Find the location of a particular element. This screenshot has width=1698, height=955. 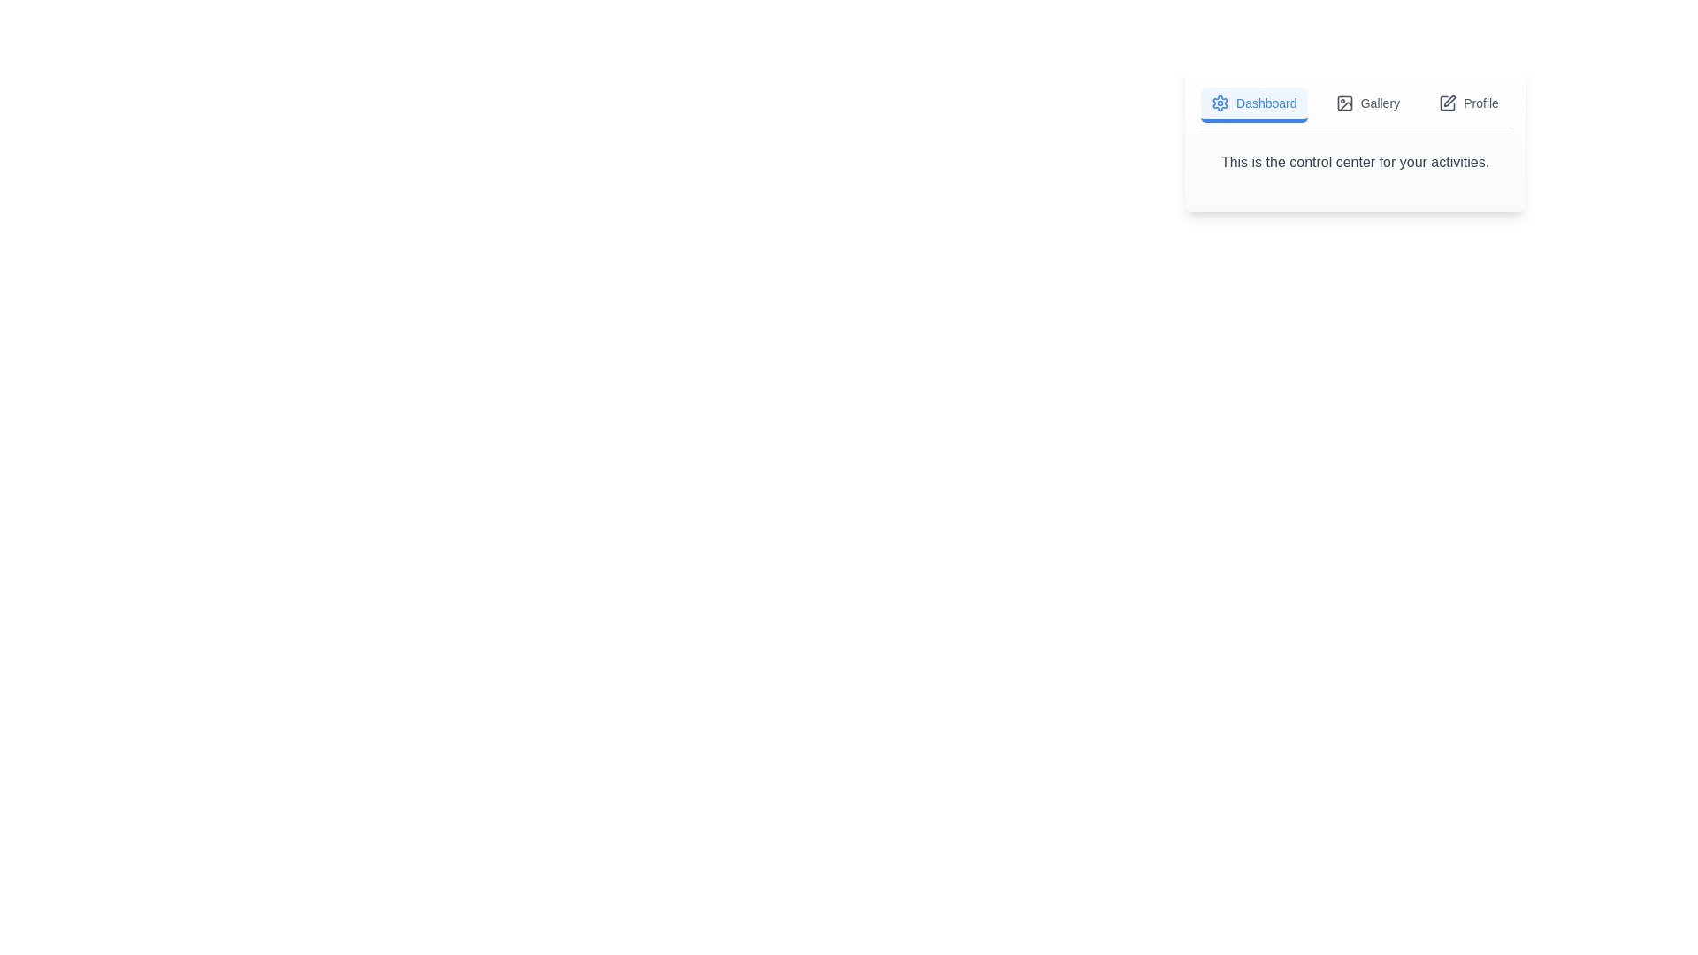

the icon of the Profile tab is located at coordinates (1447, 103).